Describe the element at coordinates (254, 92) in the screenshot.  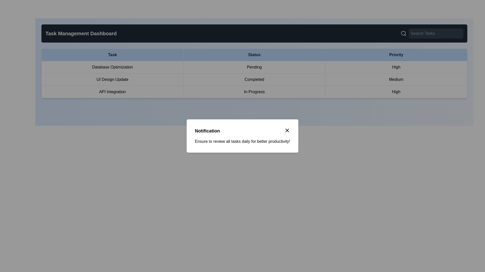
I see `the third row` at that location.